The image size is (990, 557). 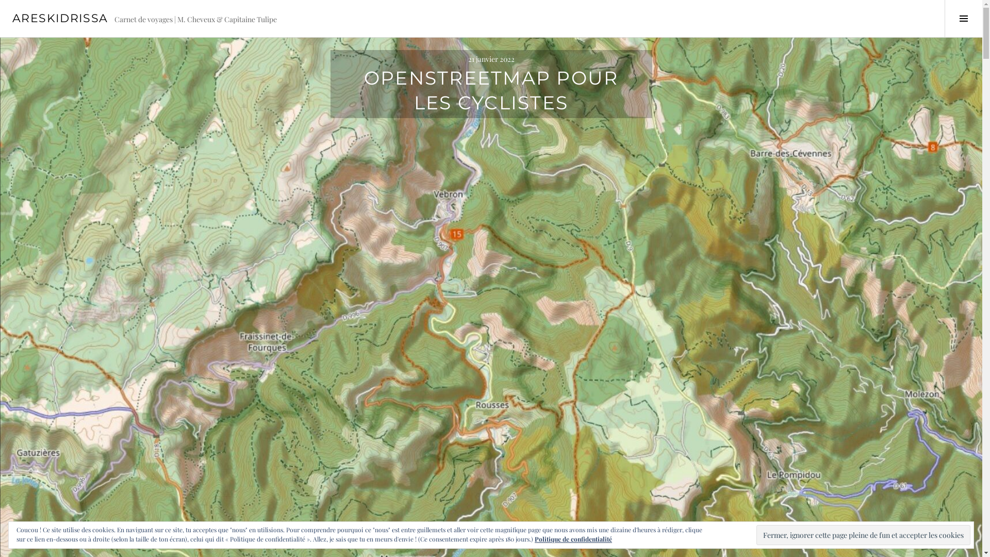 What do you see at coordinates (59, 18) in the screenshot?
I see `'ARESKIDRISSA'` at bounding box center [59, 18].